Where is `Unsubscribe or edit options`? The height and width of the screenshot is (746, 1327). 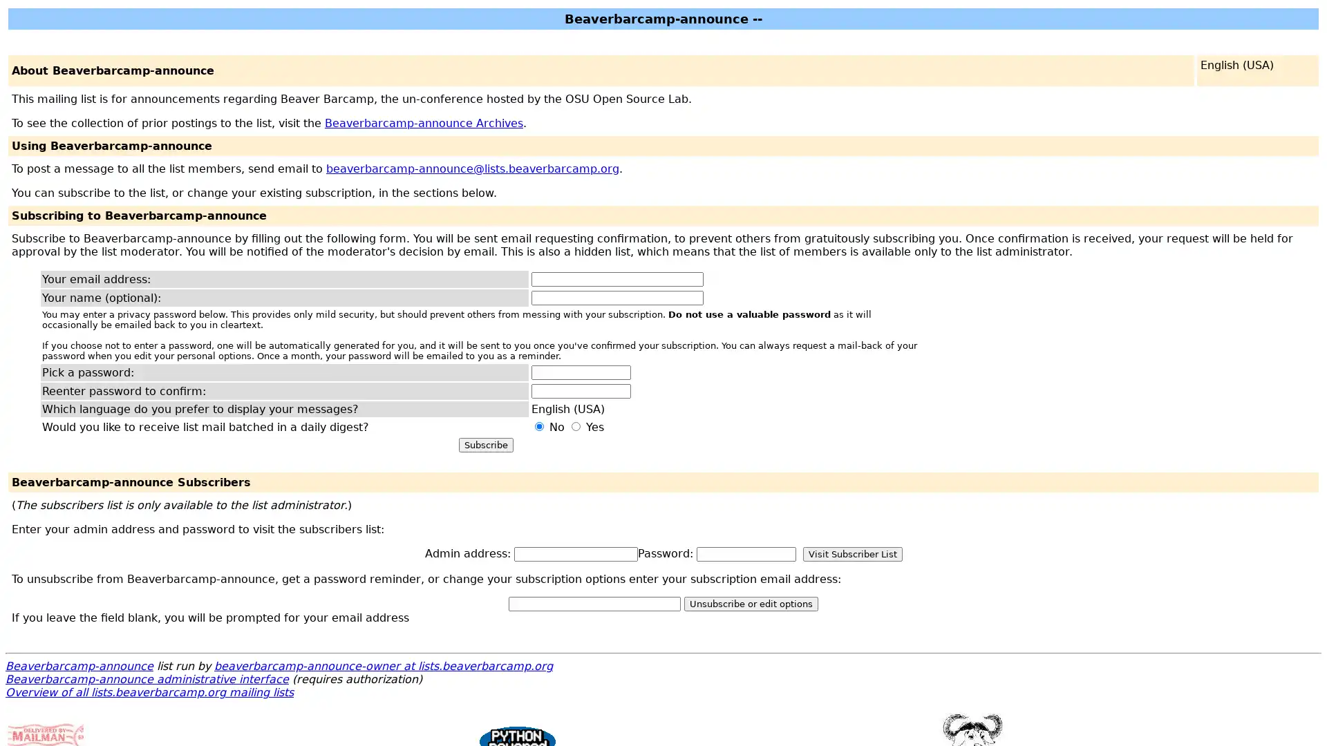 Unsubscribe or edit options is located at coordinates (750, 603).